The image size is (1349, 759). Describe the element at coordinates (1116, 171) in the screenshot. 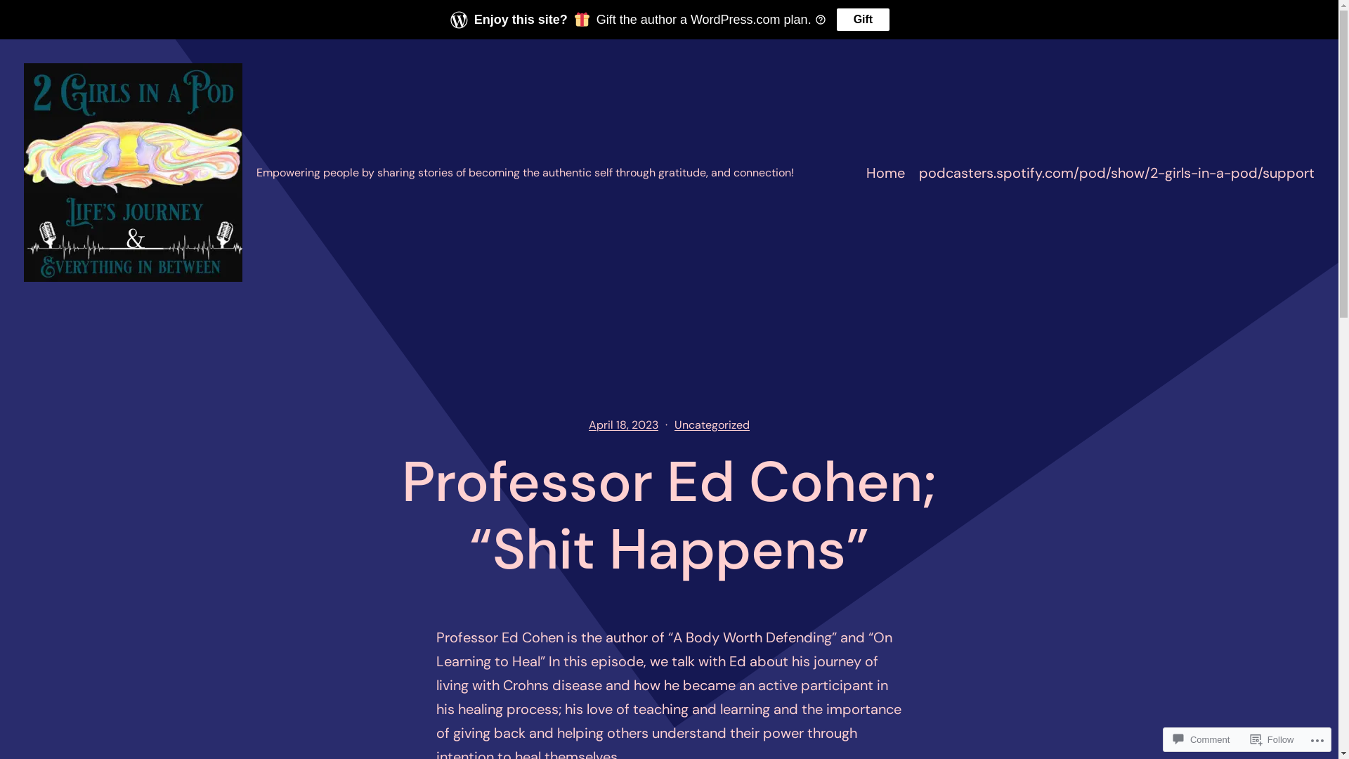

I see `'podcasters.spotify.com/pod/show/2-girls-in-a-pod/support'` at that location.